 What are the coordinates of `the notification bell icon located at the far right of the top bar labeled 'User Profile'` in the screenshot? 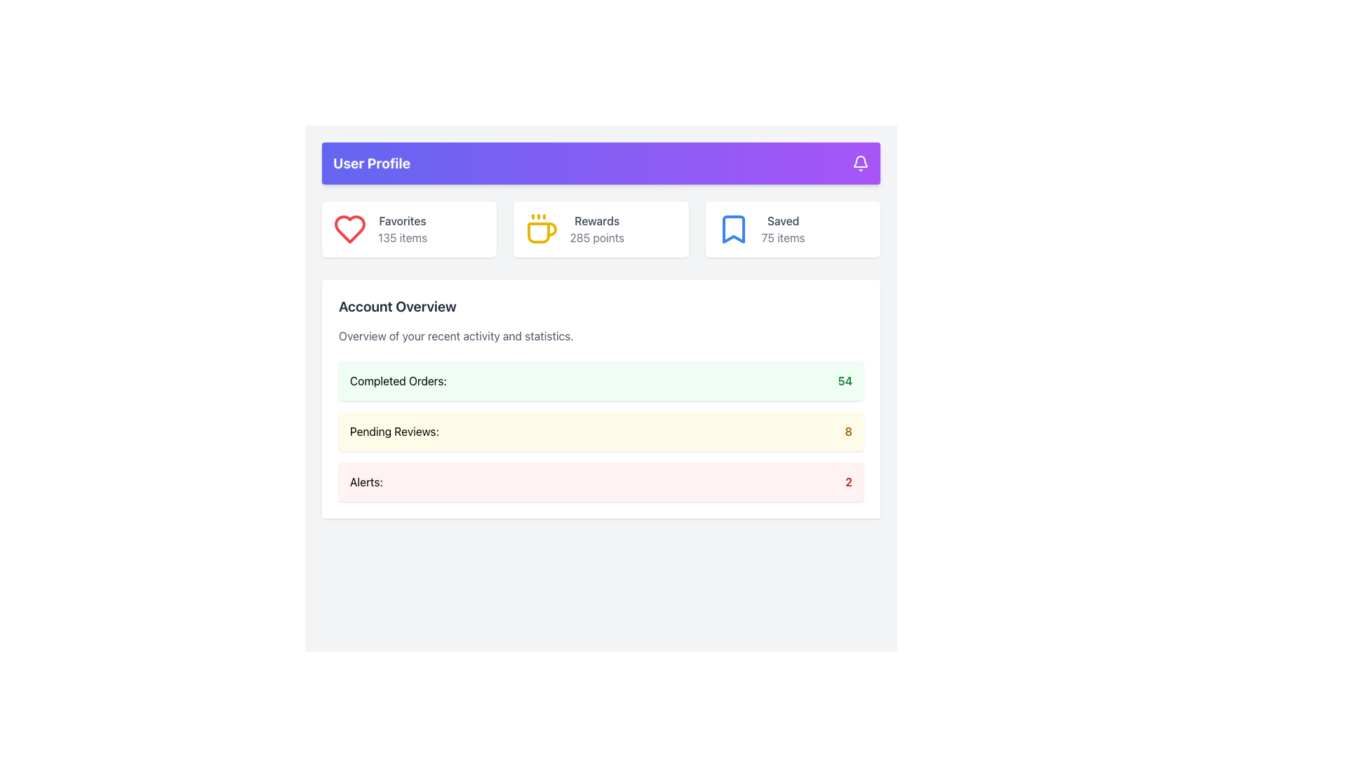 It's located at (860, 162).